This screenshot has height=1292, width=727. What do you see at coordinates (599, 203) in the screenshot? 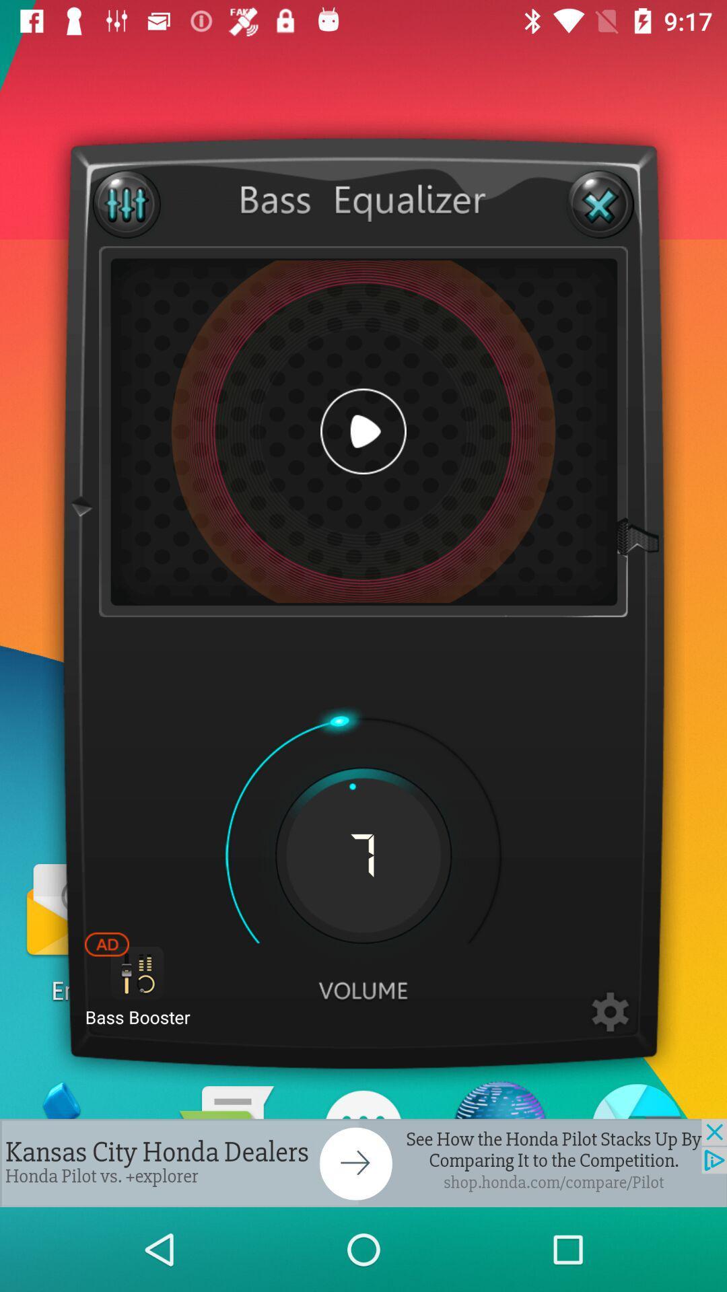
I see `the close icon` at bounding box center [599, 203].